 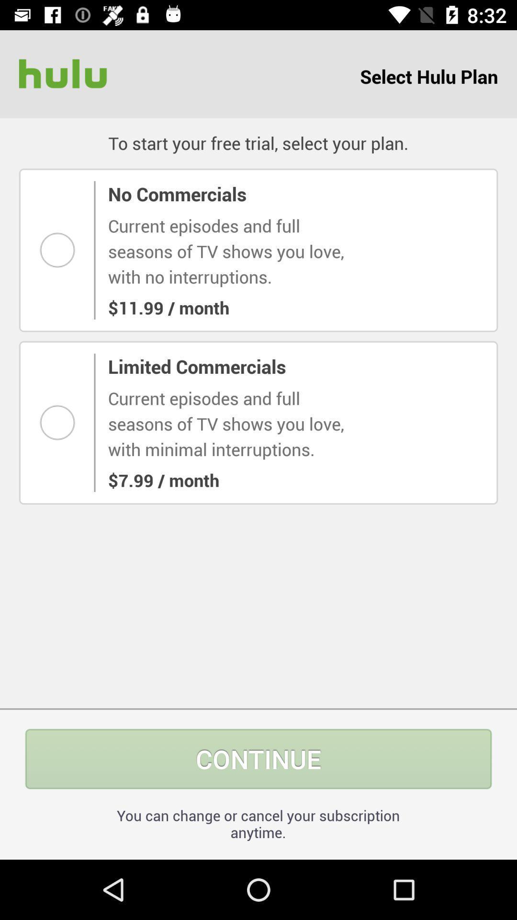 What do you see at coordinates (60, 422) in the screenshot?
I see `to select` at bounding box center [60, 422].